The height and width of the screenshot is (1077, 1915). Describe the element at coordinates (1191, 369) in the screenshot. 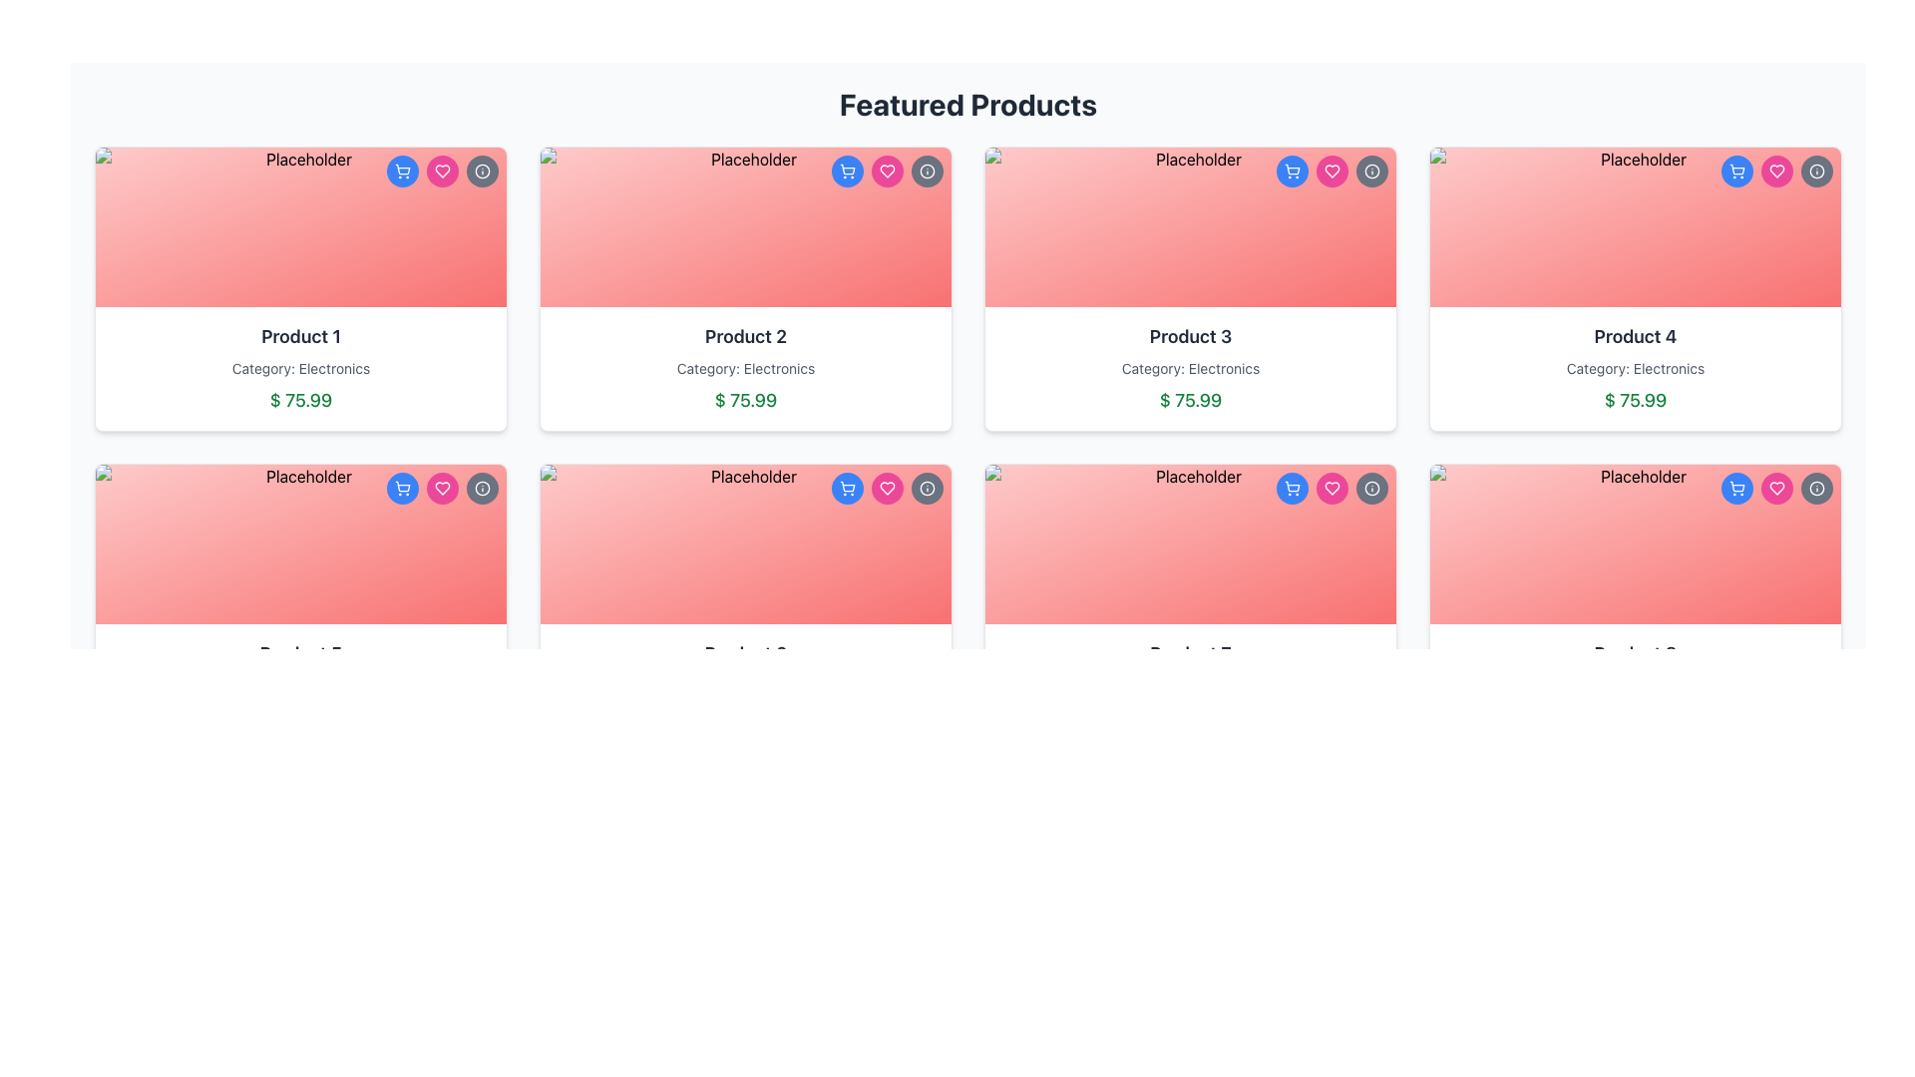

I see `the non-interactive text label displaying the category of the product for 'Product 3', located directly beneath the 'Product 3' title and above the price label` at that location.